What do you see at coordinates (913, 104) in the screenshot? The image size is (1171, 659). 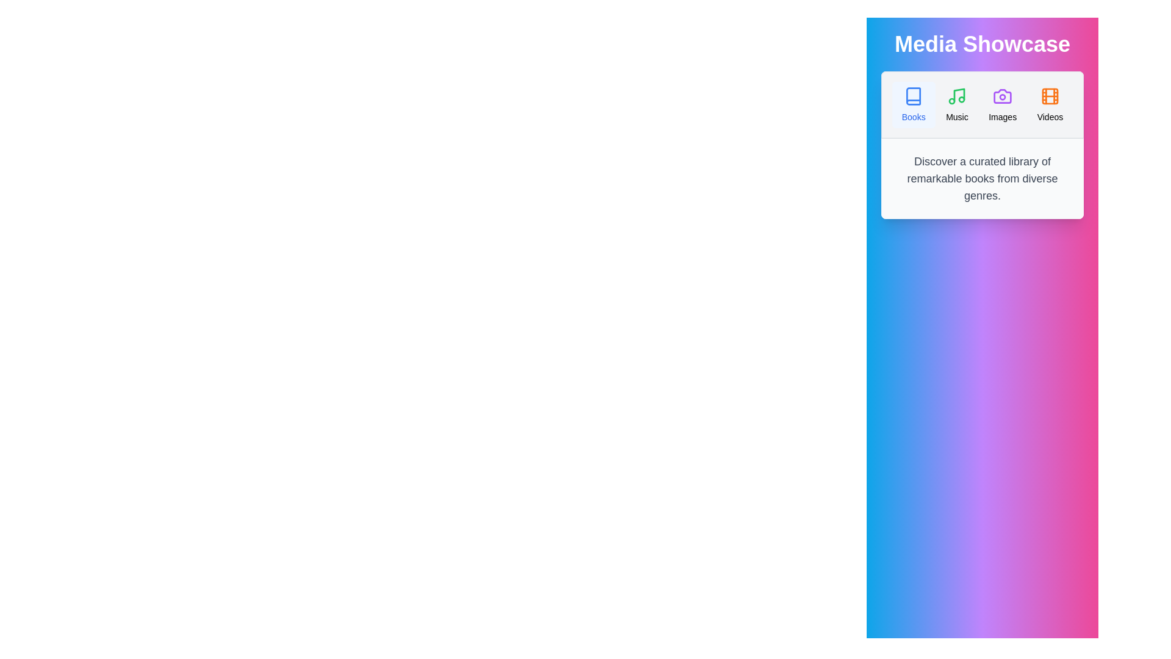 I see `the media category Books by clicking its icon` at bounding box center [913, 104].